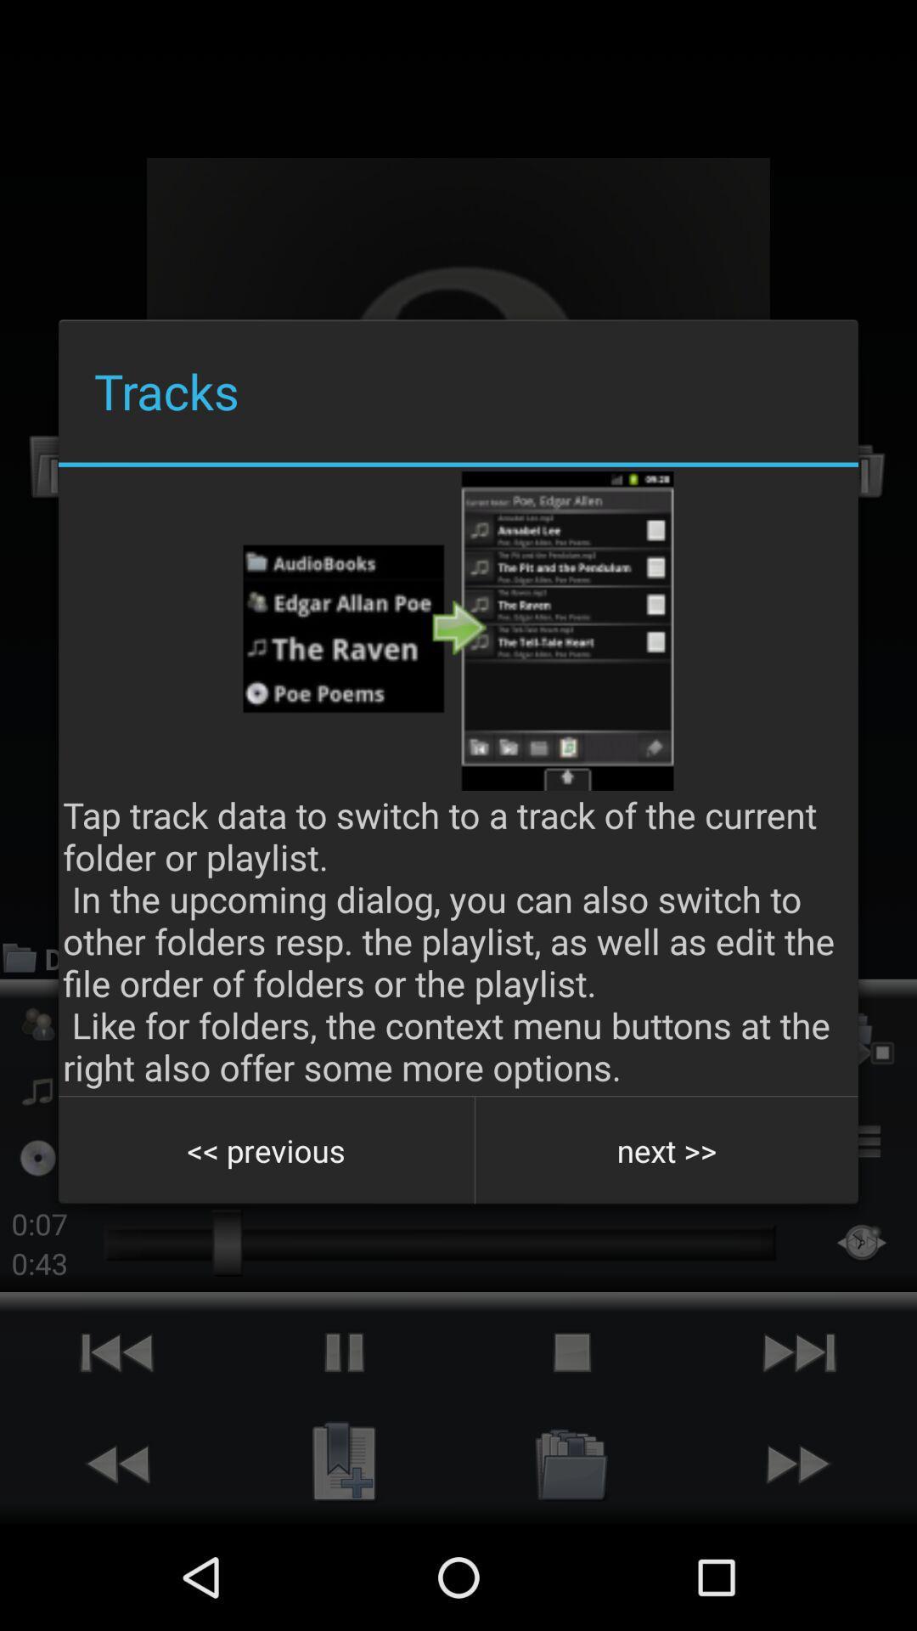 The image size is (917, 1631). I want to click on the next >> icon, so click(666, 1150).